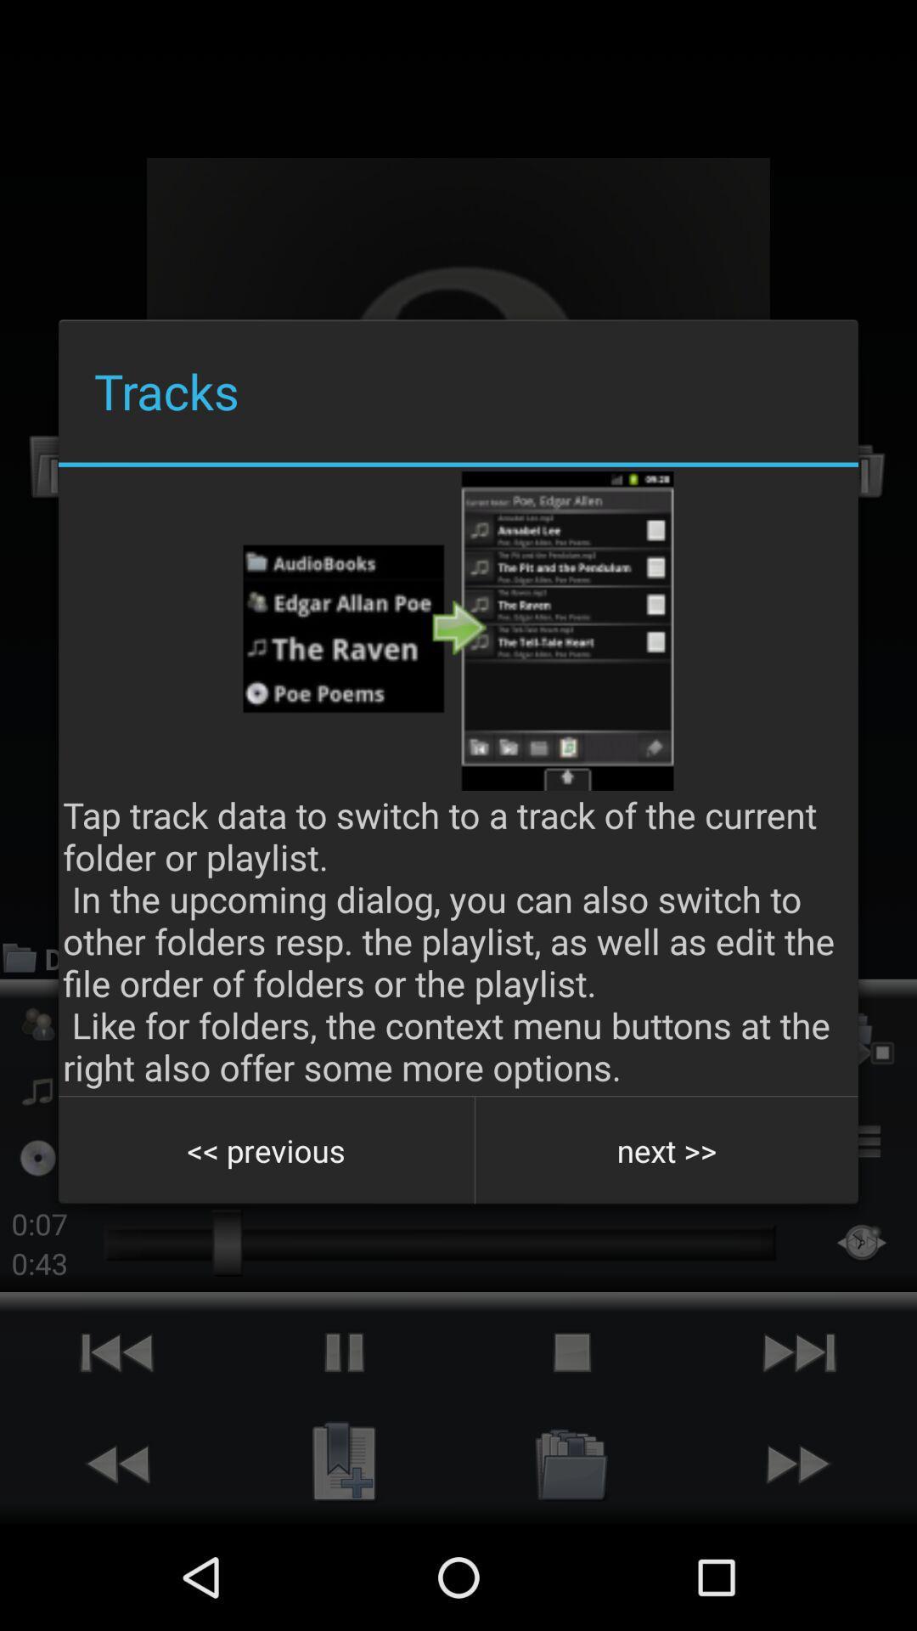 The image size is (917, 1631). I want to click on the next >> icon, so click(666, 1150).